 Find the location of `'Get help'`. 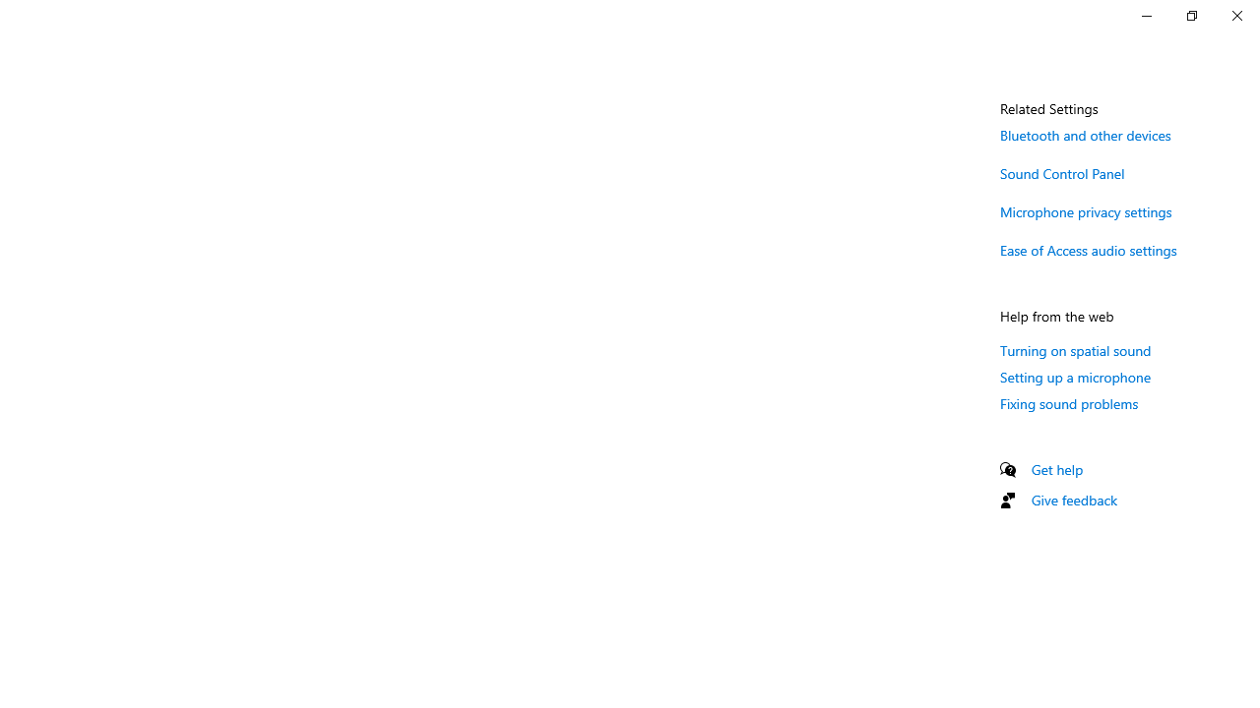

'Get help' is located at coordinates (1056, 469).